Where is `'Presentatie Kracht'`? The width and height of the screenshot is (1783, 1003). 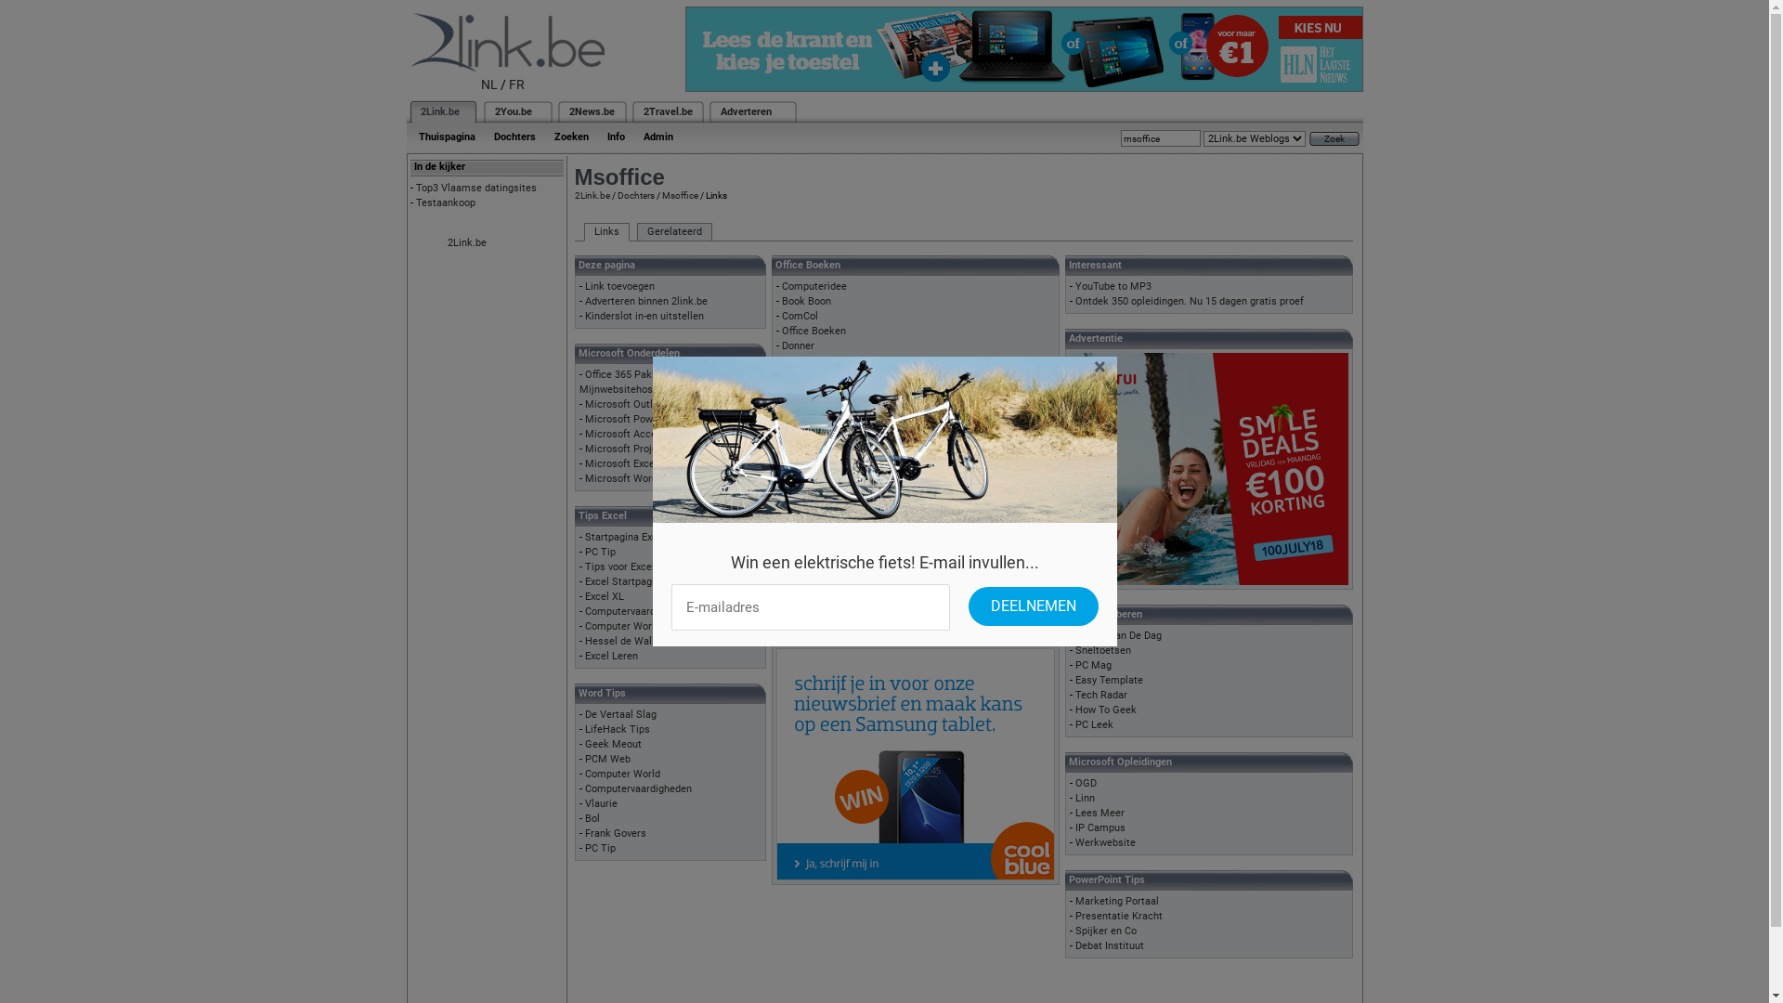
'Presentatie Kracht' is located at coordinates (1074, 915).